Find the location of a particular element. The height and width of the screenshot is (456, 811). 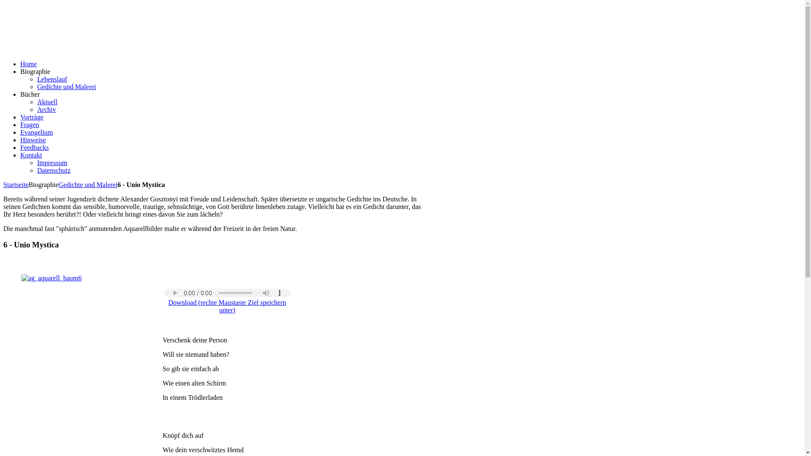

'<span class="sige_js_title">ag_aquarell_baum6</span>' is located at coordinates (51, 278).